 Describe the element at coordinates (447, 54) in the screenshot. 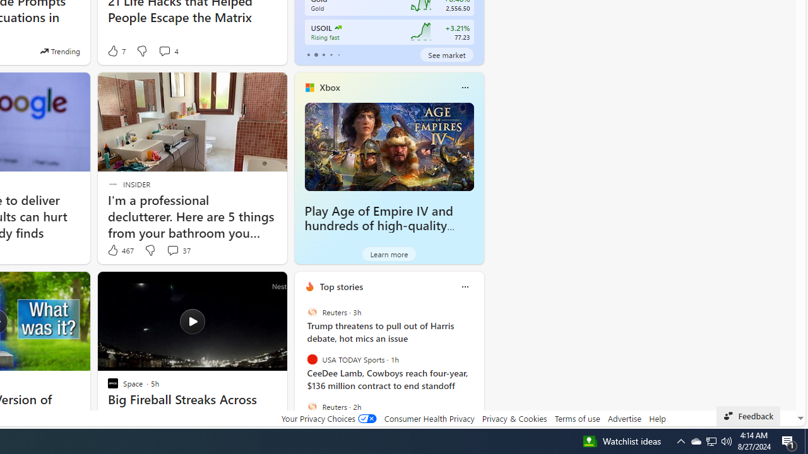

I see `'See market'` at that location.